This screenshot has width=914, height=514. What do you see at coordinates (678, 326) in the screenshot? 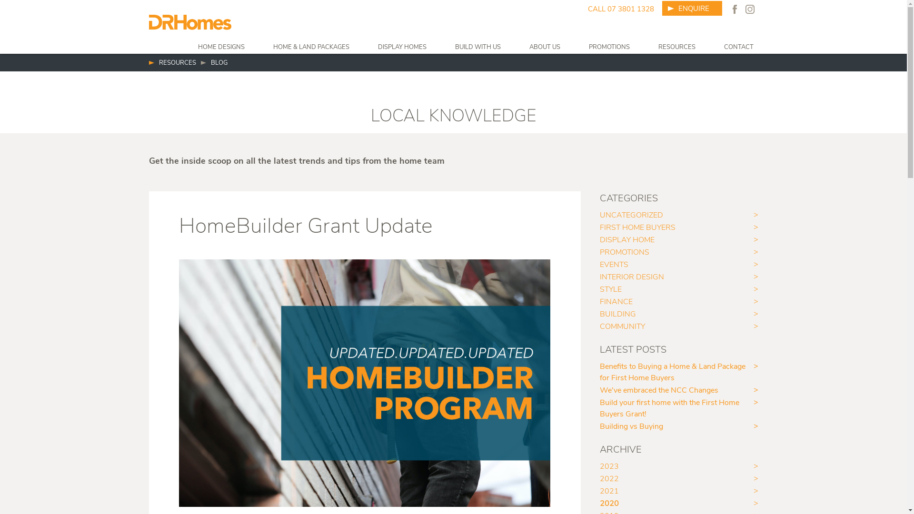
I see `'COMMUNITY'` at bounding box center [678, 326].